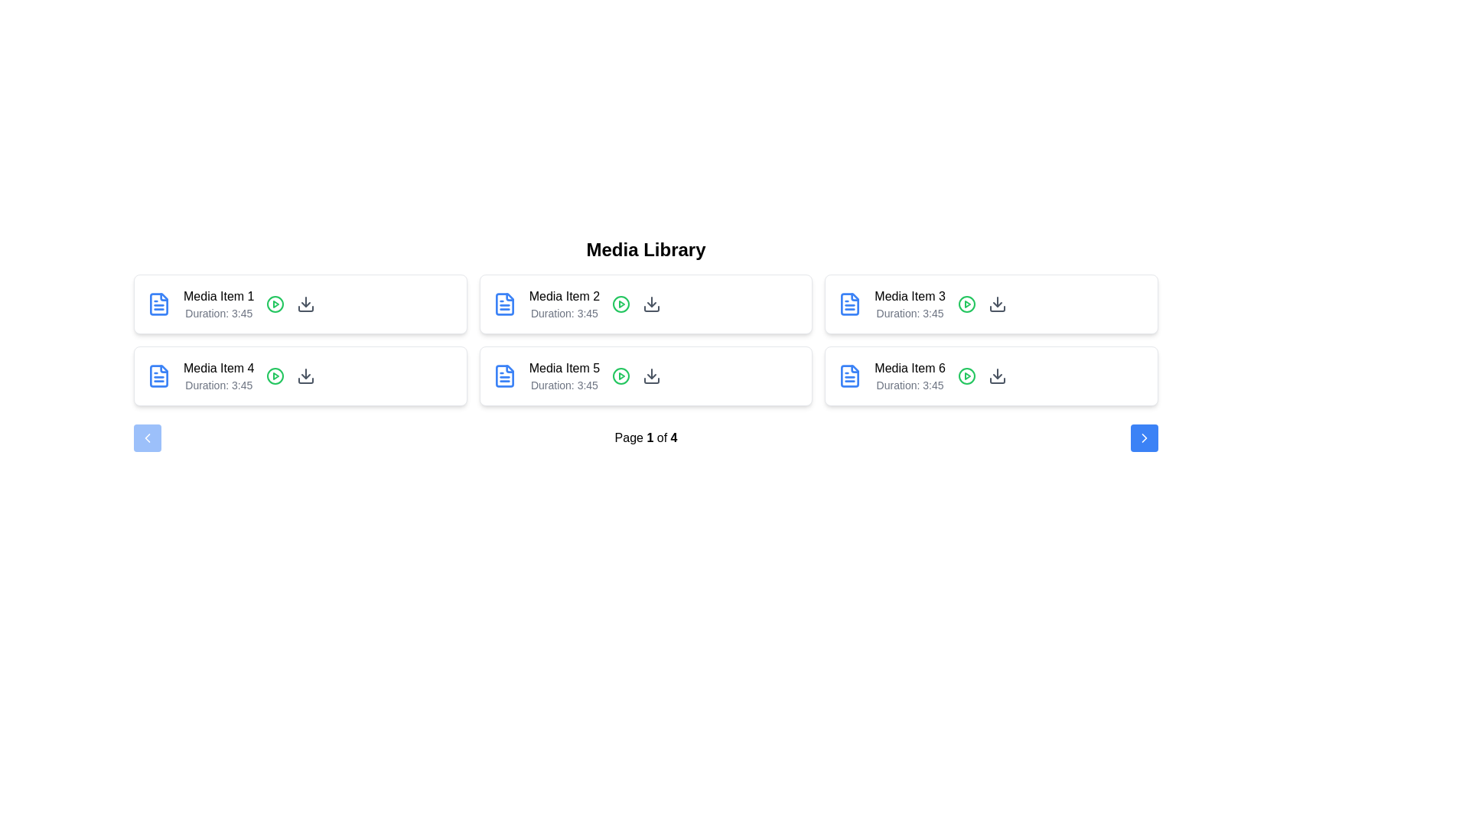  What do you see at coordinates (966, 304) in the screenshot?
I see `the Play button located to the right of 'Media Item 3'` at bounding box center [966, 304].